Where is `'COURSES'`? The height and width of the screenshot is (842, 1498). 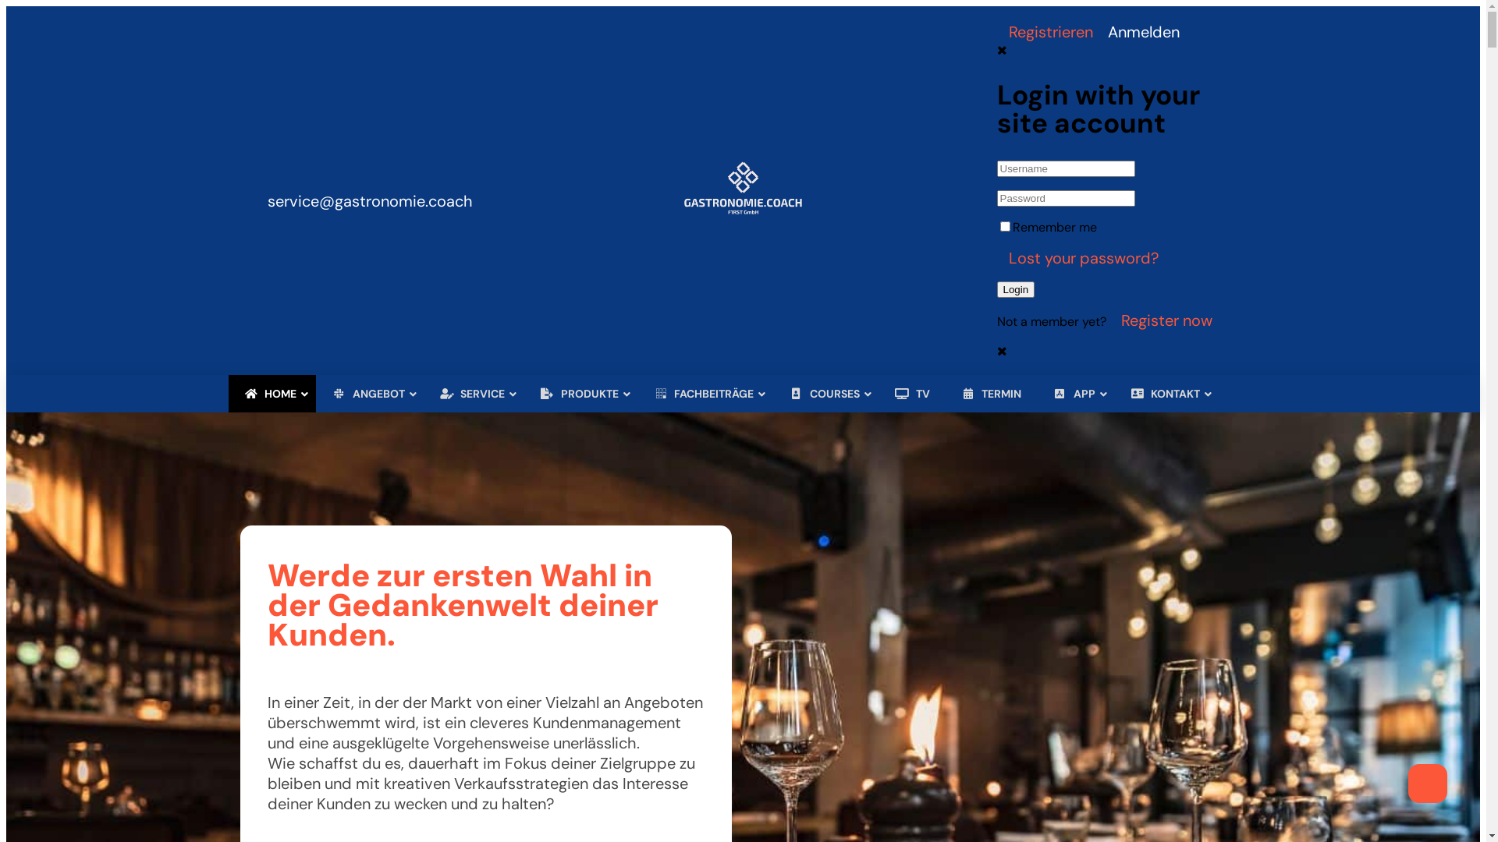 'COURSES' is located at coordinates (825, 393).